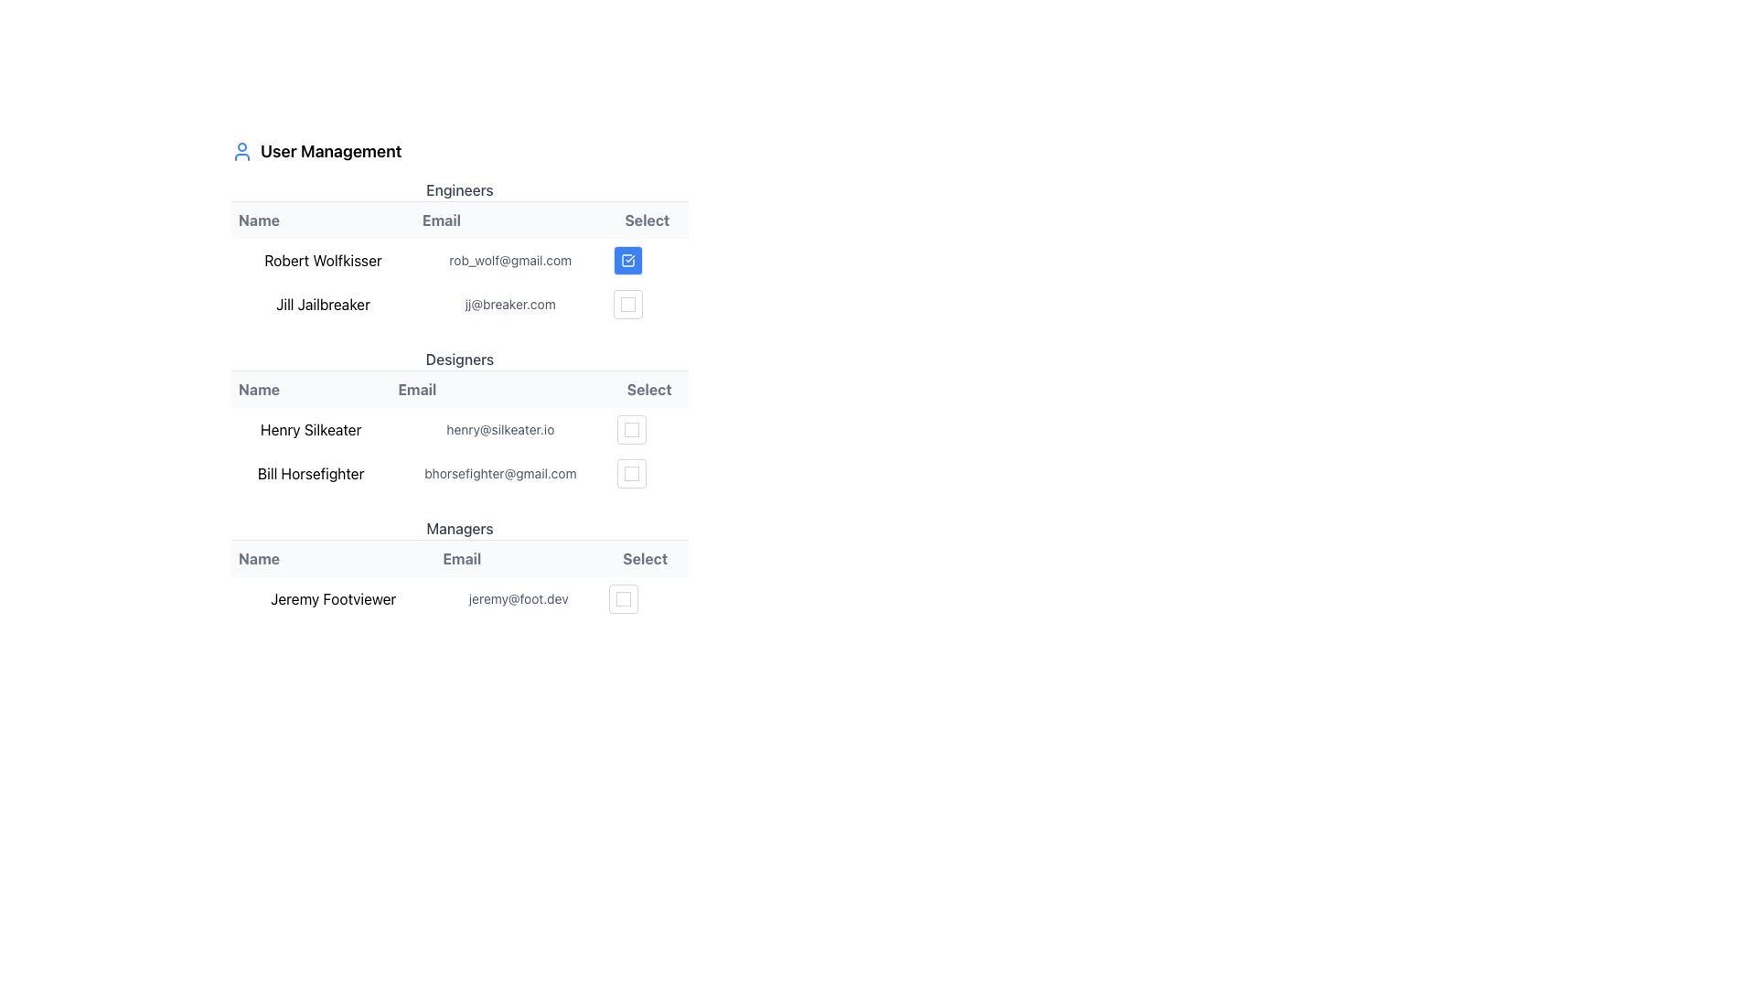 Image resolution: width=1756 pixels, height=988 pixels. Describe the element at coordinates (500, 430) in the screenshot. I see `the static text display showing the email address of 'Henry Silkeater', located in the 'Email' column of the 'Designers' section, positioned between the checkbox on the right and the name on the left` at that location.